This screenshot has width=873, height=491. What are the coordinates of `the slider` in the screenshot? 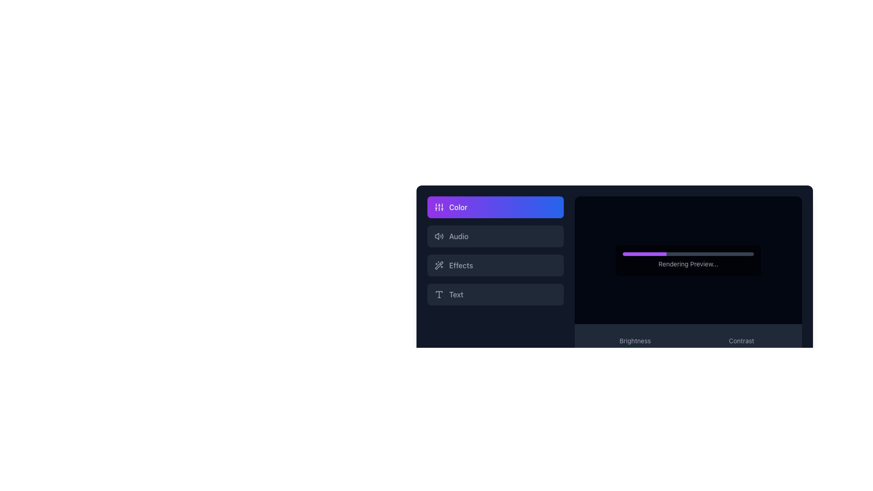 It's located at (627, 353).